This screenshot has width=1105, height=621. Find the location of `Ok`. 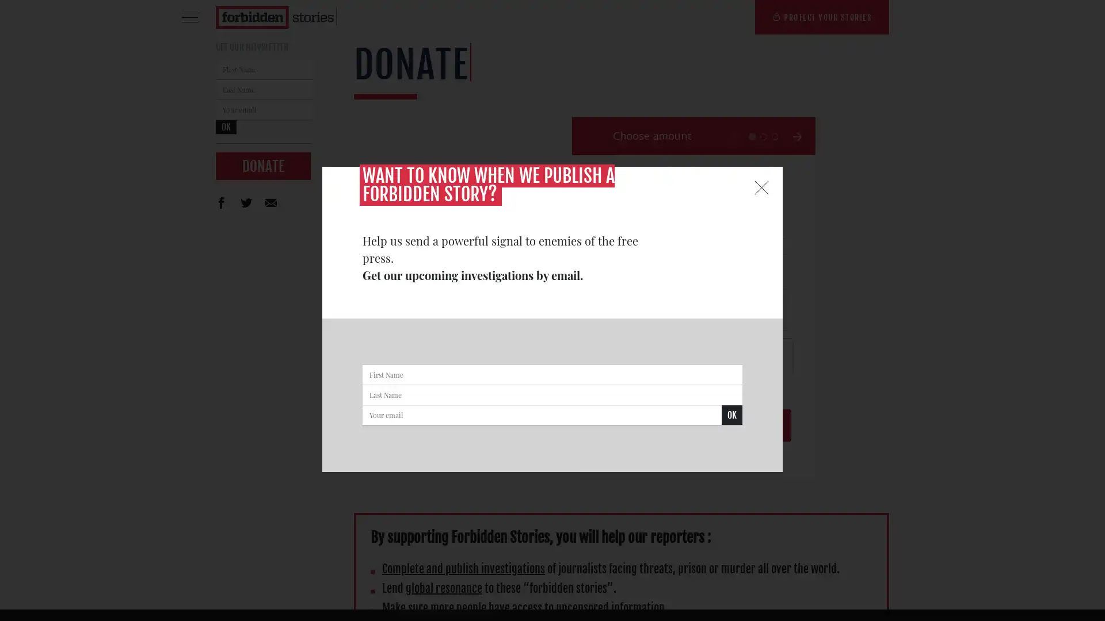

Ok is located at coordinates (226, 127).